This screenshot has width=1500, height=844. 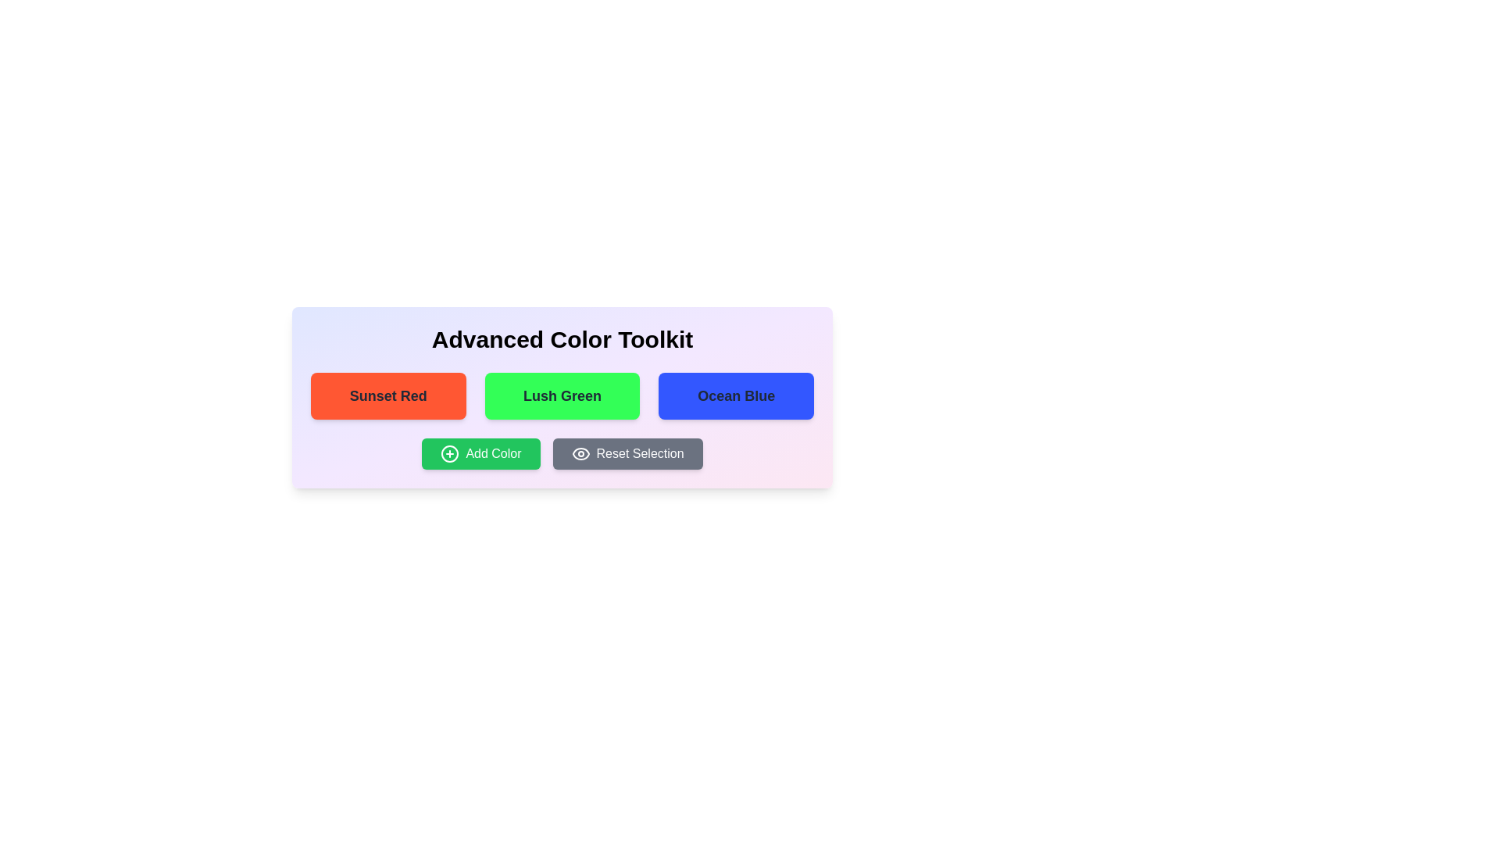 What do you see at coordinates (735, 395) in the screenshot?
I see `the button with a blue background and white text displaying 'Ocean Blue', which is the third button in a horizontal alignment of three buttons` at bounding box center [735, 395].